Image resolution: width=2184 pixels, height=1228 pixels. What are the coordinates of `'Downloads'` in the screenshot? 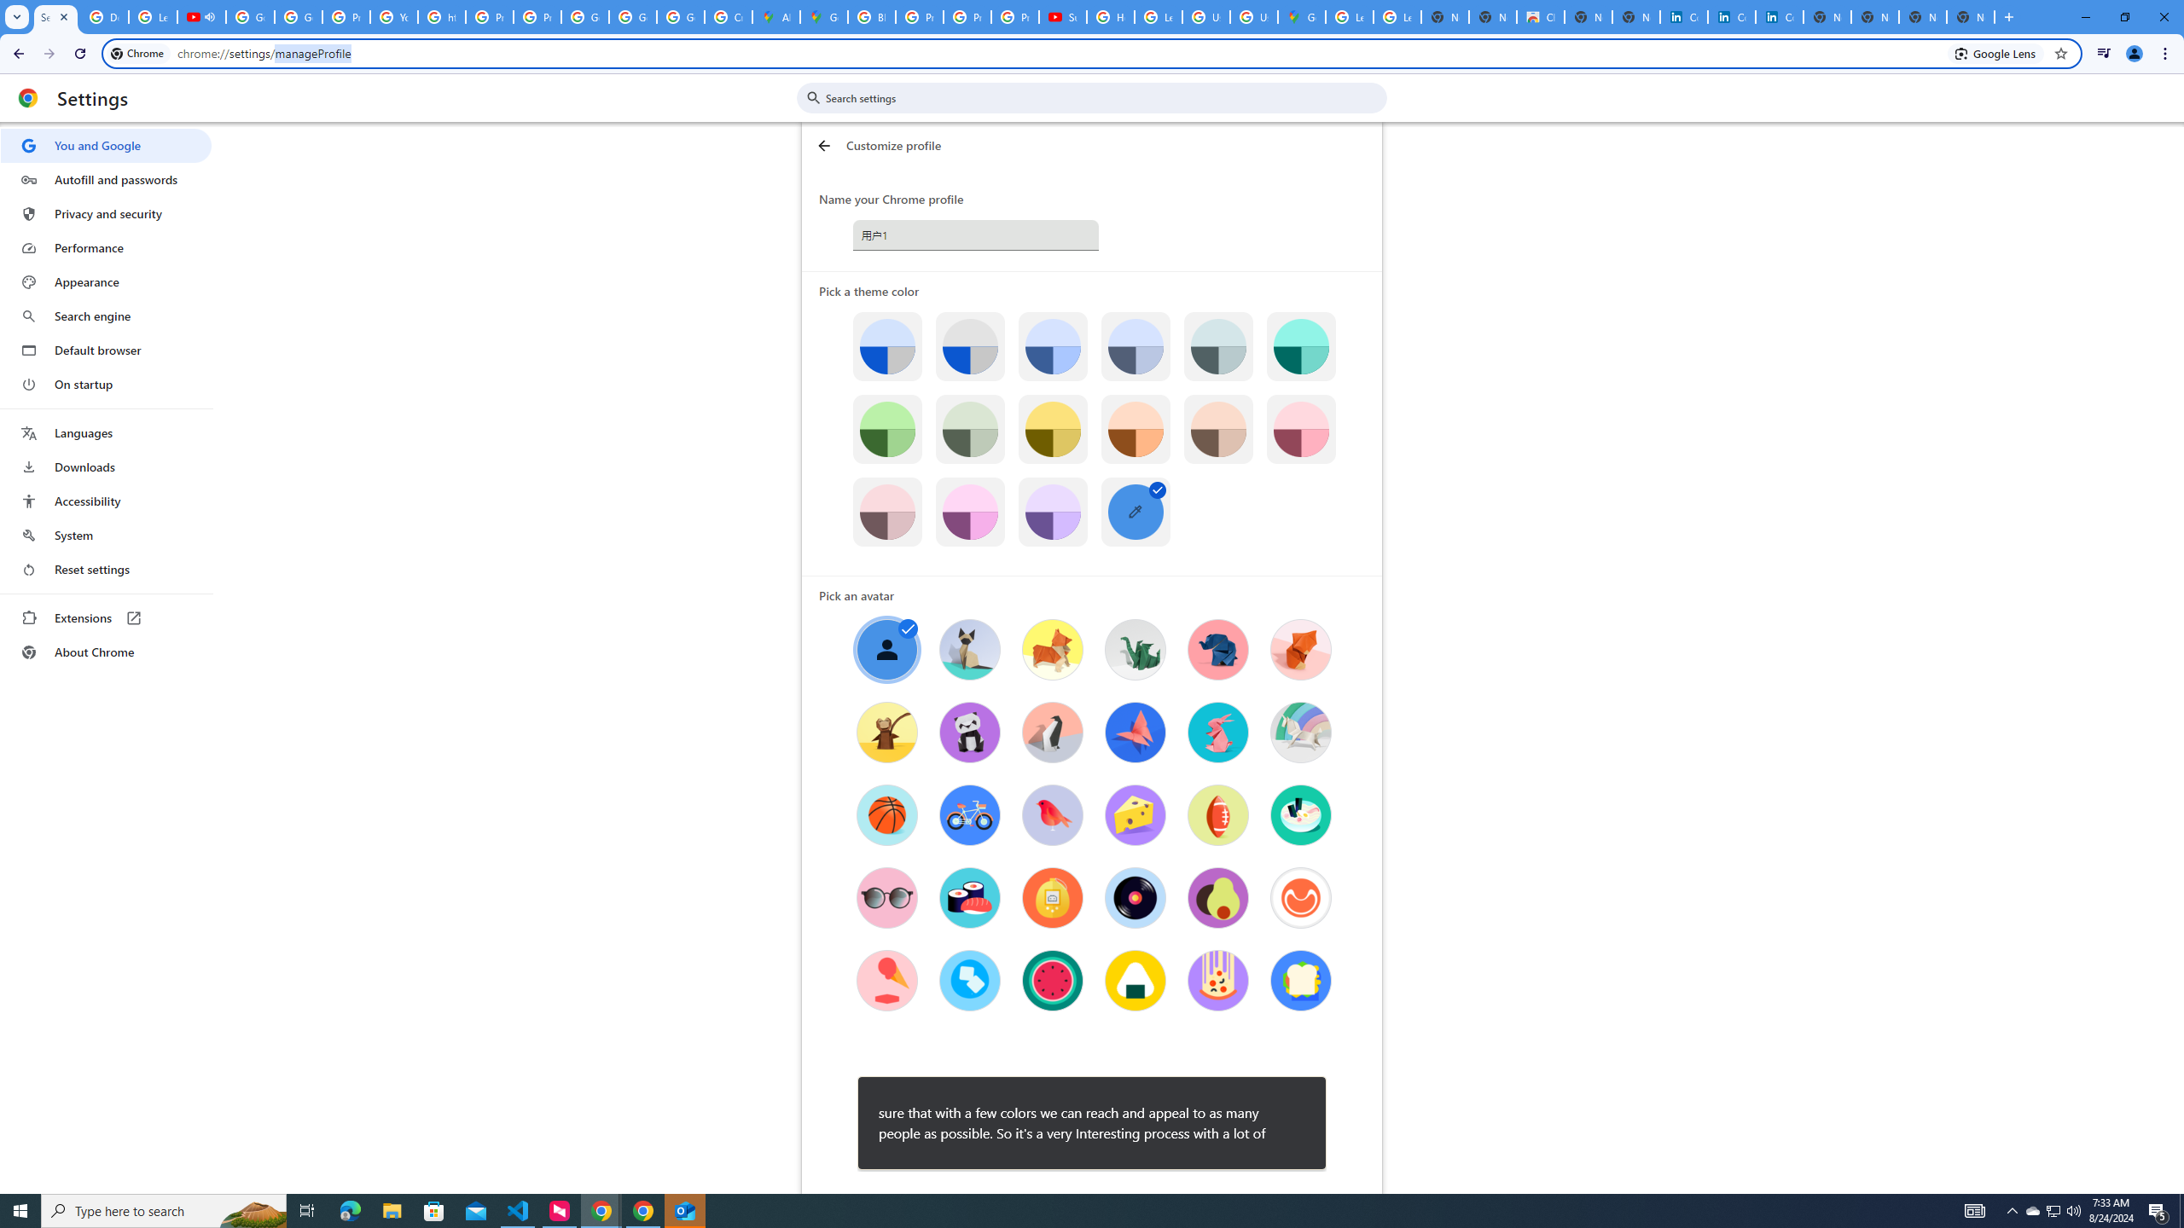 It's located at (105, 466).